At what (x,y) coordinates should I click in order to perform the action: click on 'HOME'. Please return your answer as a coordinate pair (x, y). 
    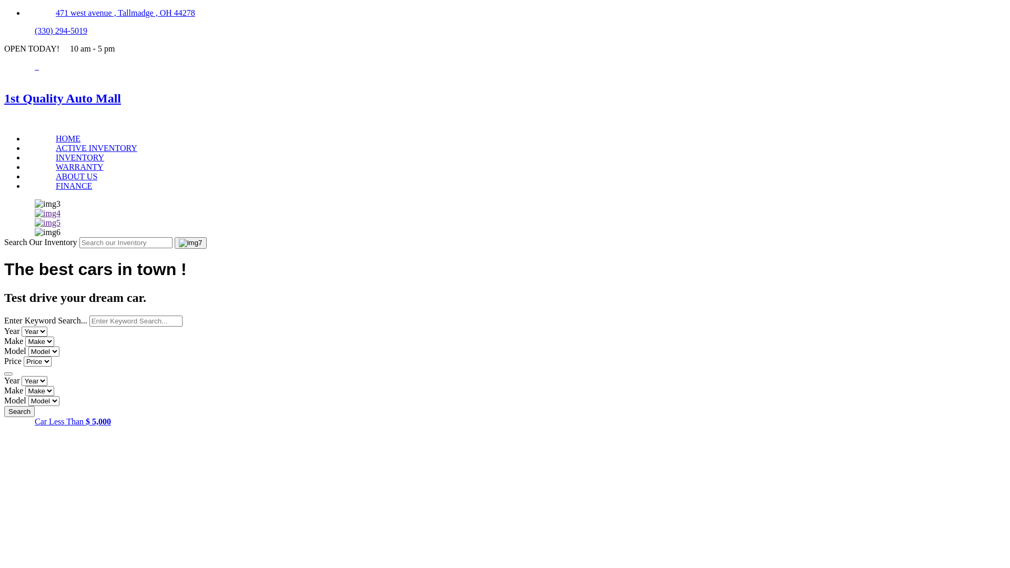
    Looking at the image, I should click on (67, 138).